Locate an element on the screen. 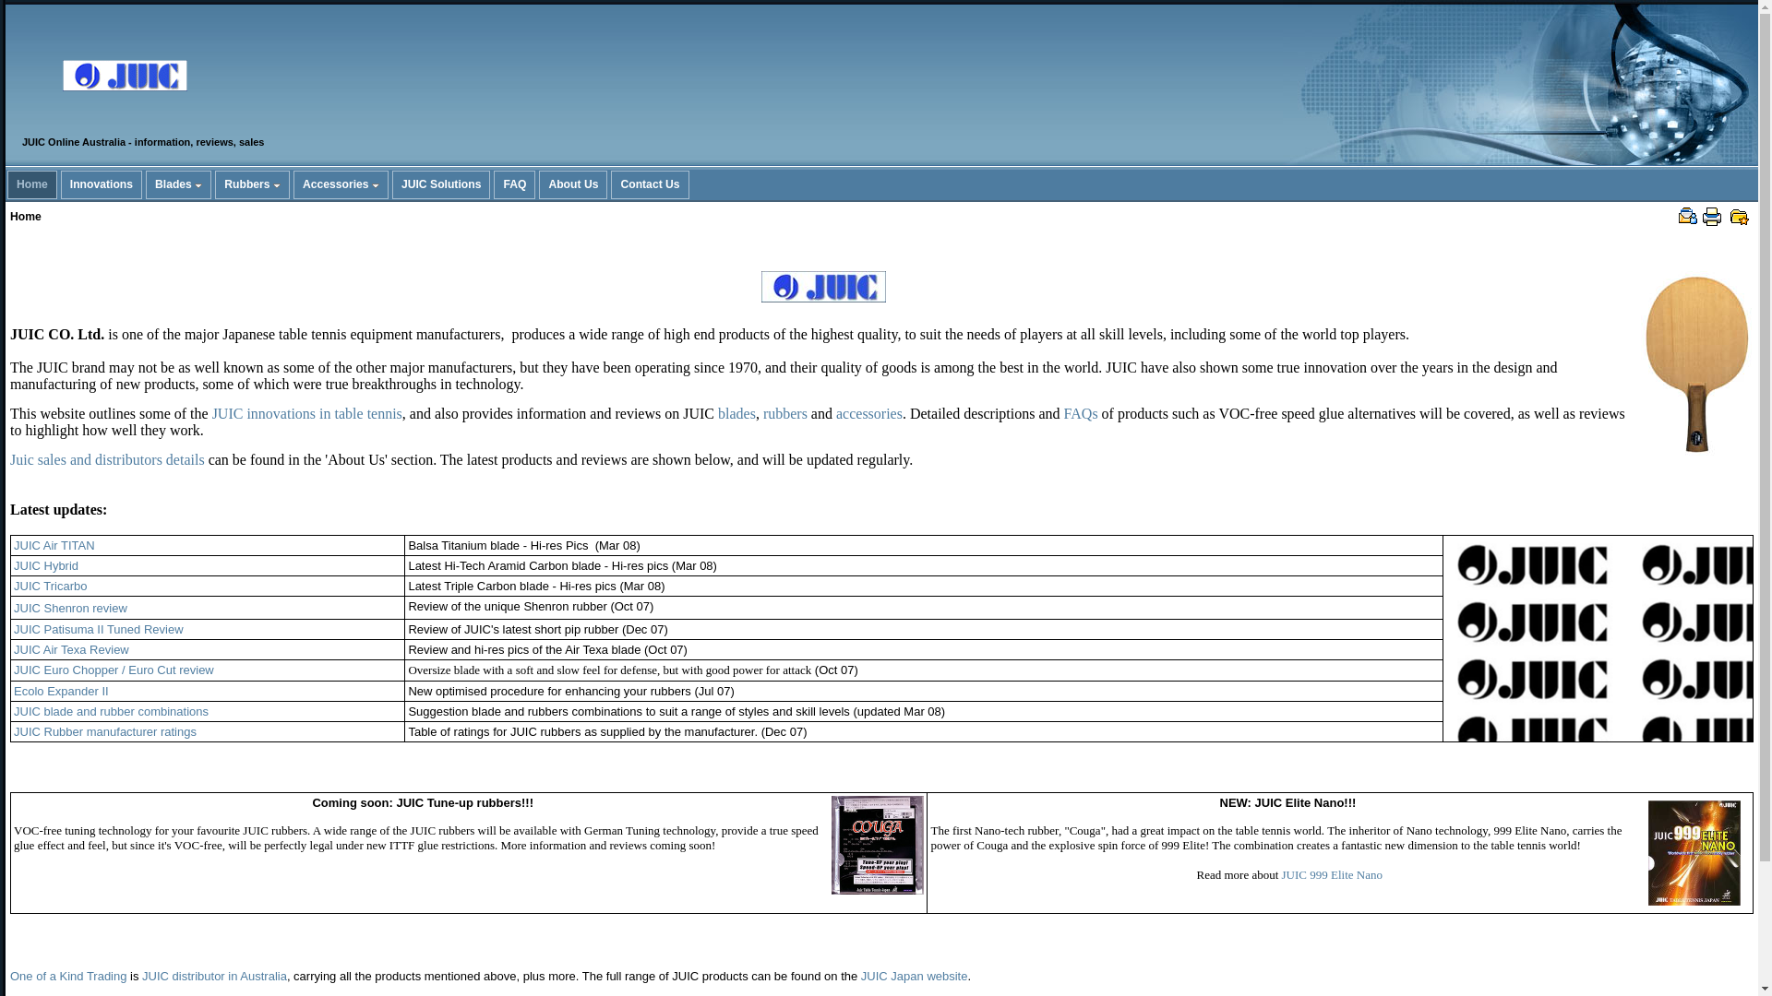 The width and height of the screenshot is (1772, 996). 'JUIC Euro Chopper / Euro Cut review' is located at coordinates (113, 670).